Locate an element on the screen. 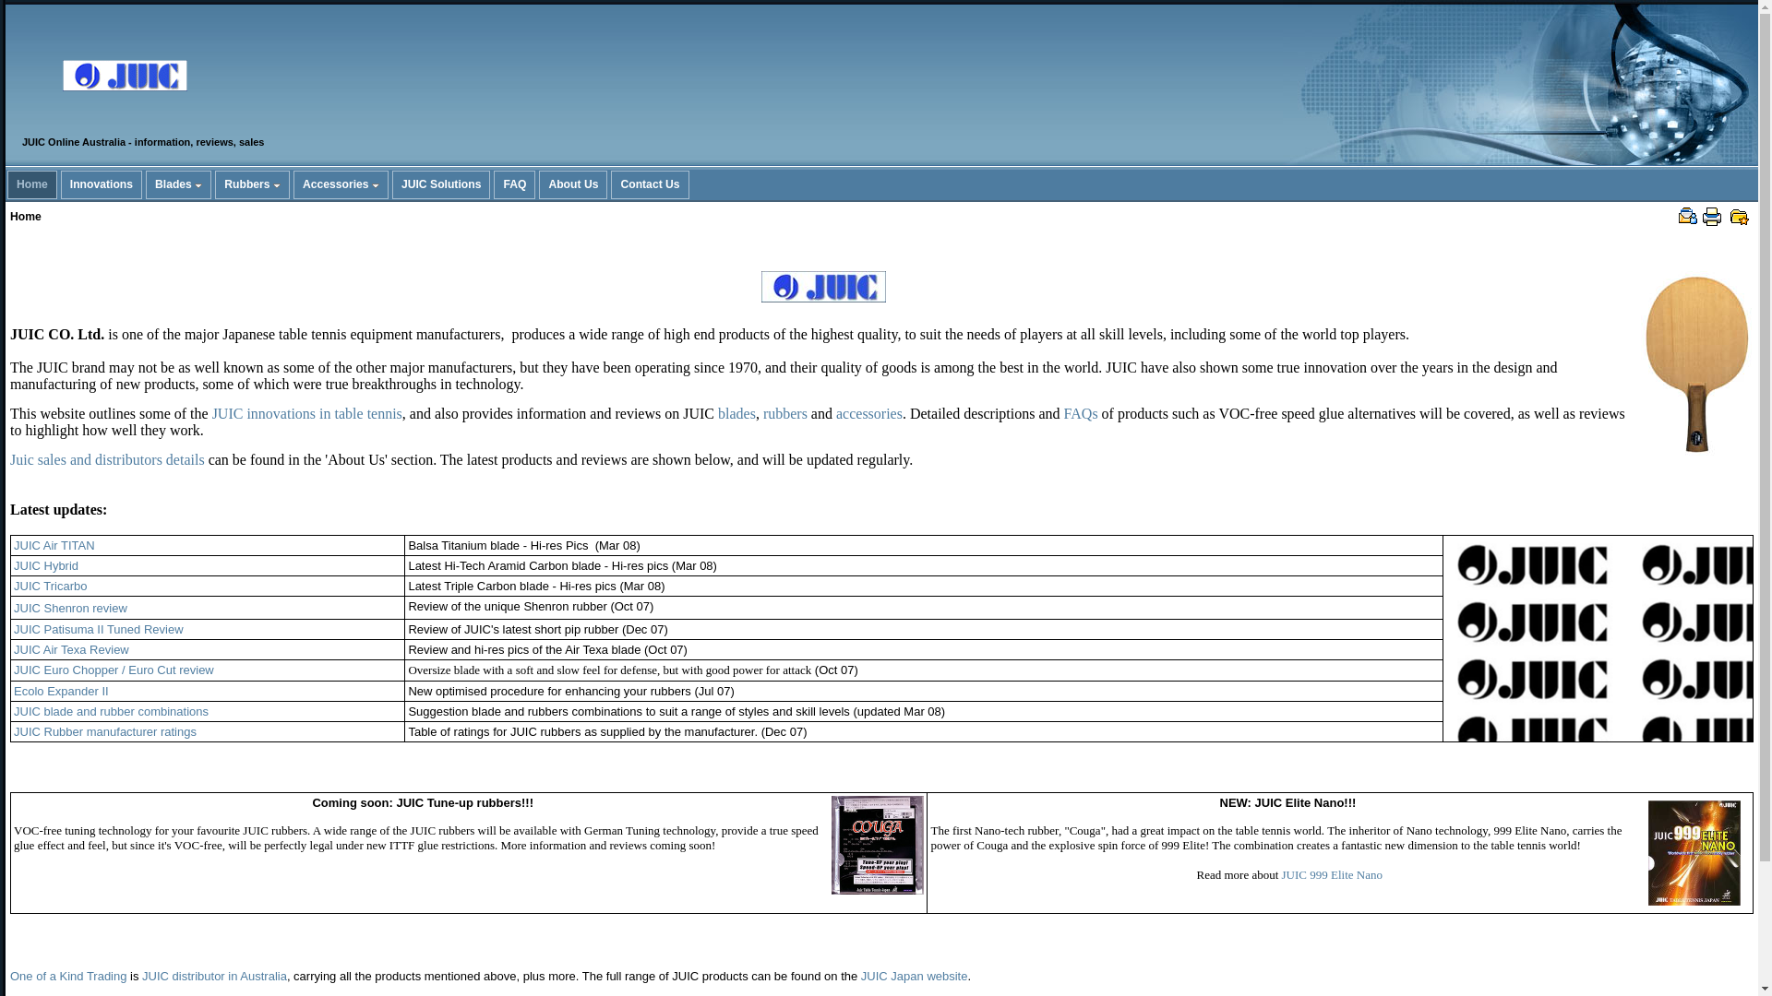 The width and height of the screenshot is (1772, 996). 'JUIC Euro Chopper / Euro Cut review' is located at coordinates (113, 670).